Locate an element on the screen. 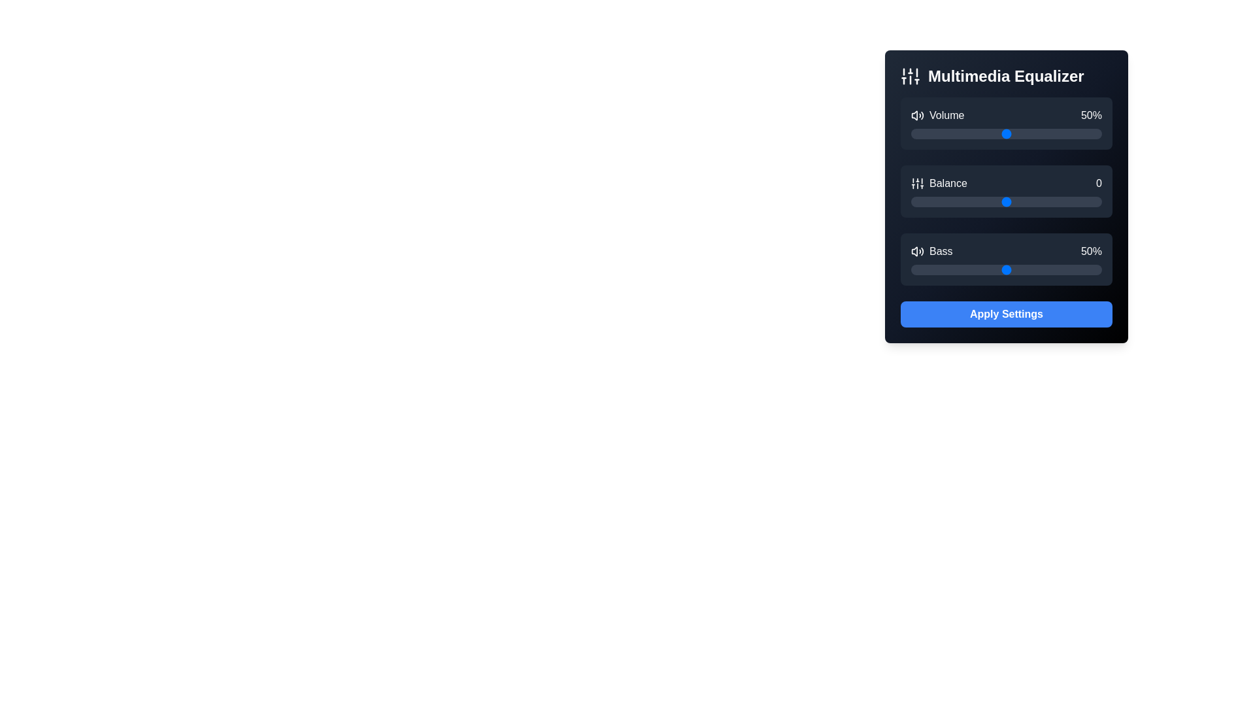 The image size is (1255, 706). the balance is located at coordinates (985, 201).